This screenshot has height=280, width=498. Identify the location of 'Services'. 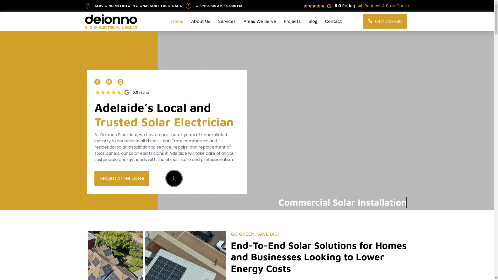
(217, 21).